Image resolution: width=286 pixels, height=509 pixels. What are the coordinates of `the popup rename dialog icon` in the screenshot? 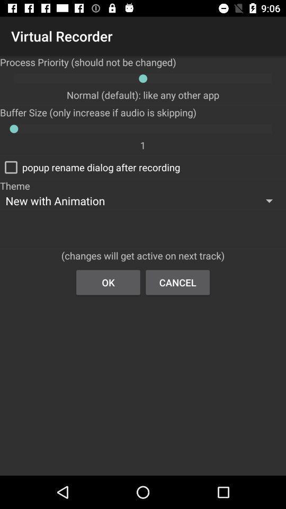 It's located at (90, 167).